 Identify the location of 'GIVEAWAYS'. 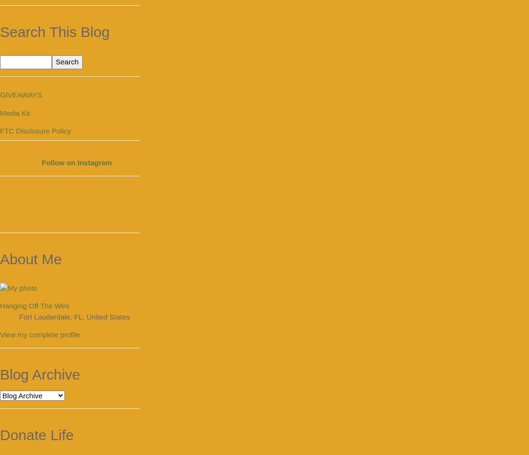
(20, 95).